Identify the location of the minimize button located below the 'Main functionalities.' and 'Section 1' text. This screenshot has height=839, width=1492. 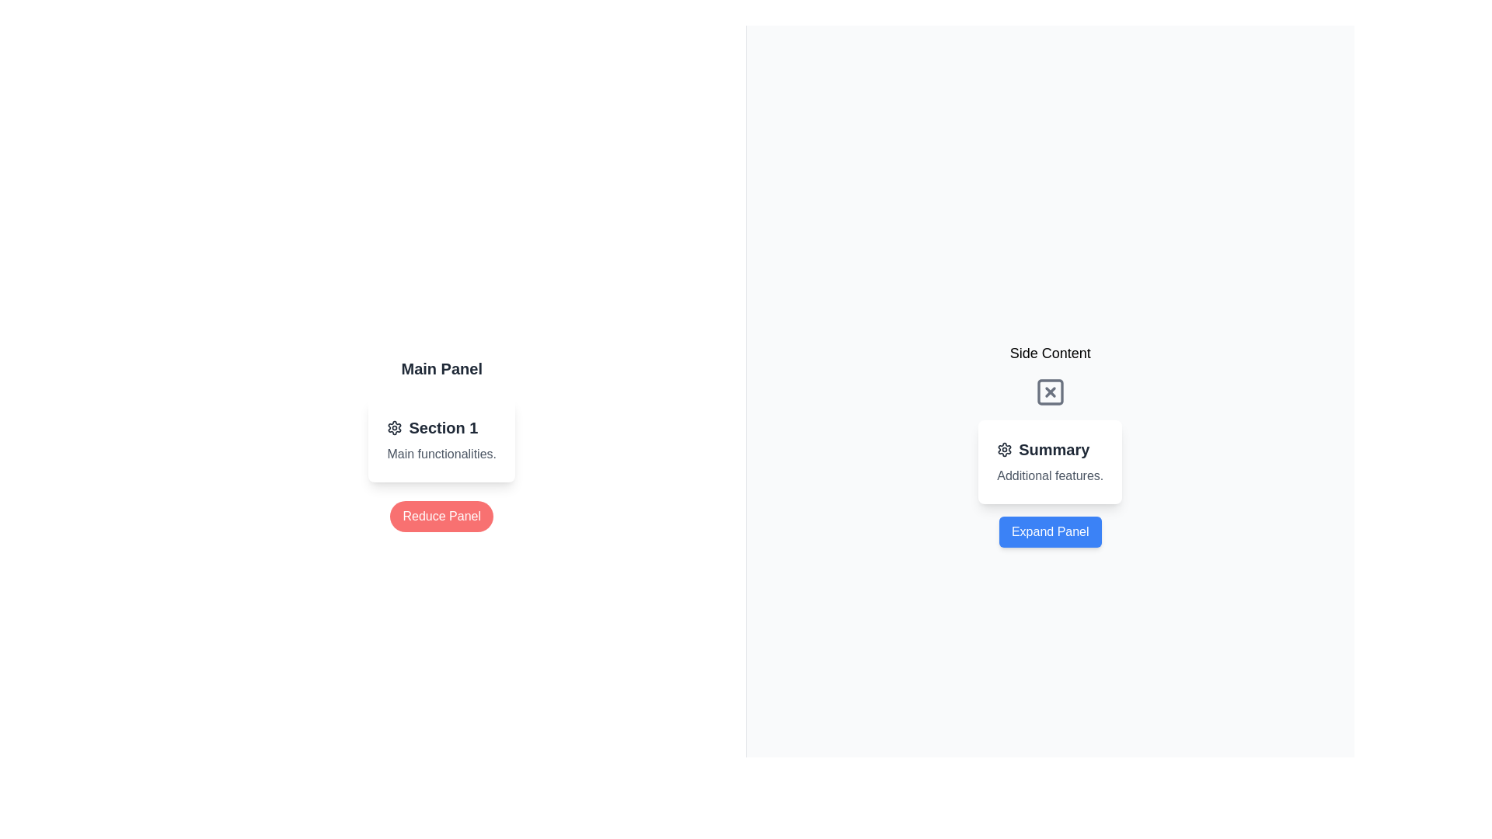
(441, 516).